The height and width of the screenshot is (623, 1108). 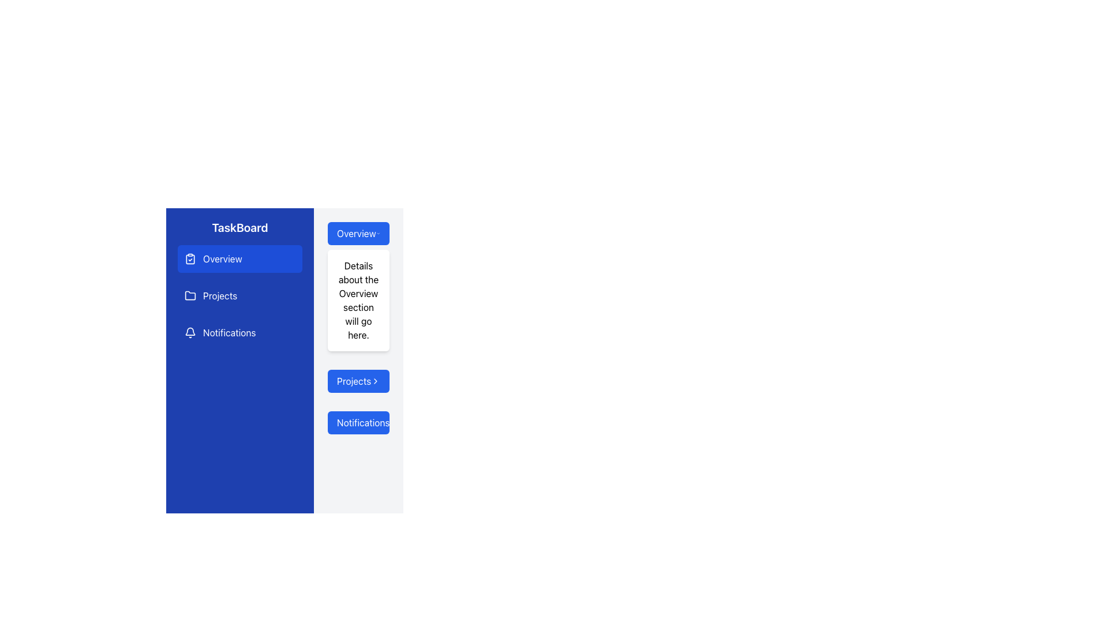 I want to click on the decorative 'Overview' icon in the left-side navigation menu, located to the left of the 'Overview' text label, so click(x=190, y=258).